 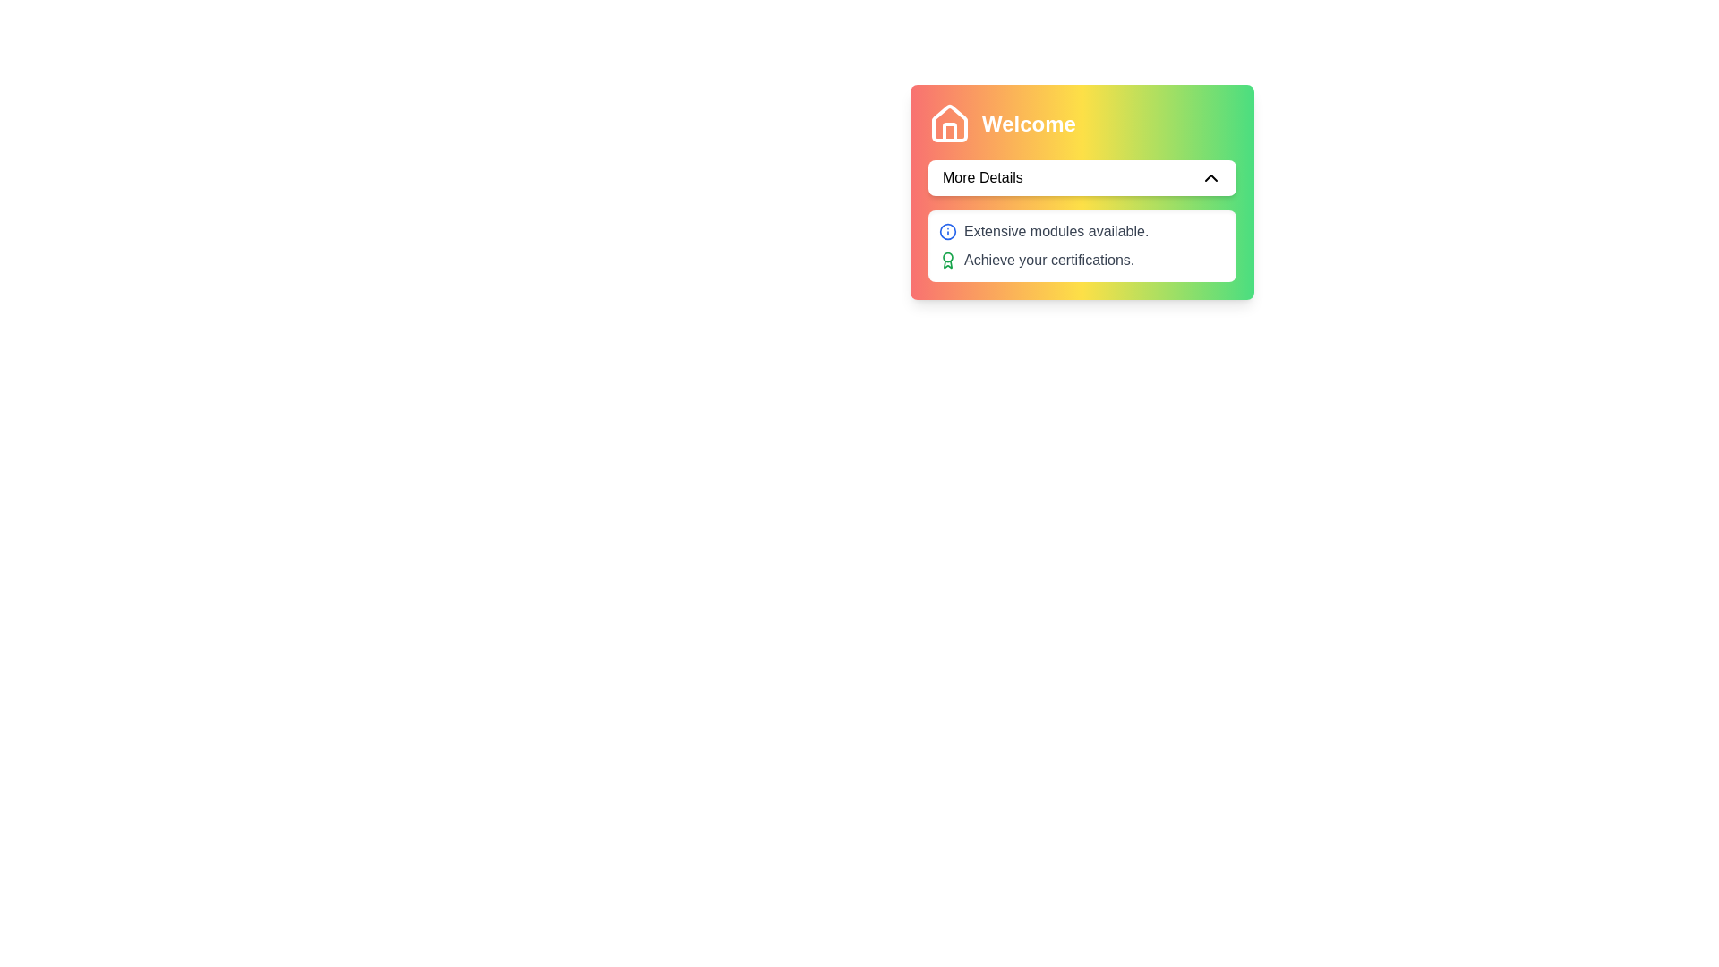 I want to click on informational text with the blue circular icon containing an 'i' that states 'Extensive modules available.' located below the 'More Details' text field, so click(x=1082, y=230).